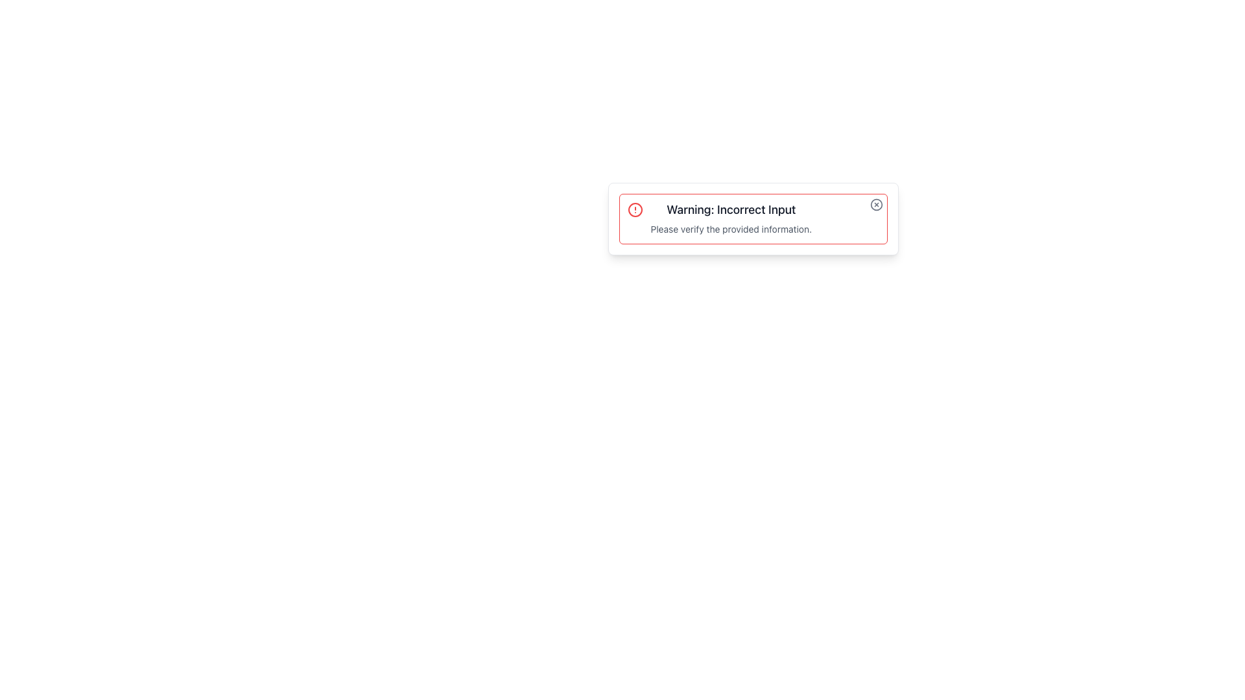 This screenshot has width=1245, height=700. What do you see at coordinates (635, 209) in the screenshot?
I see `the outer circle of the warning icon located in the top-left corner of the warning notification box, which alerts the user about an incorrect input` at bounding box center [635, 209].